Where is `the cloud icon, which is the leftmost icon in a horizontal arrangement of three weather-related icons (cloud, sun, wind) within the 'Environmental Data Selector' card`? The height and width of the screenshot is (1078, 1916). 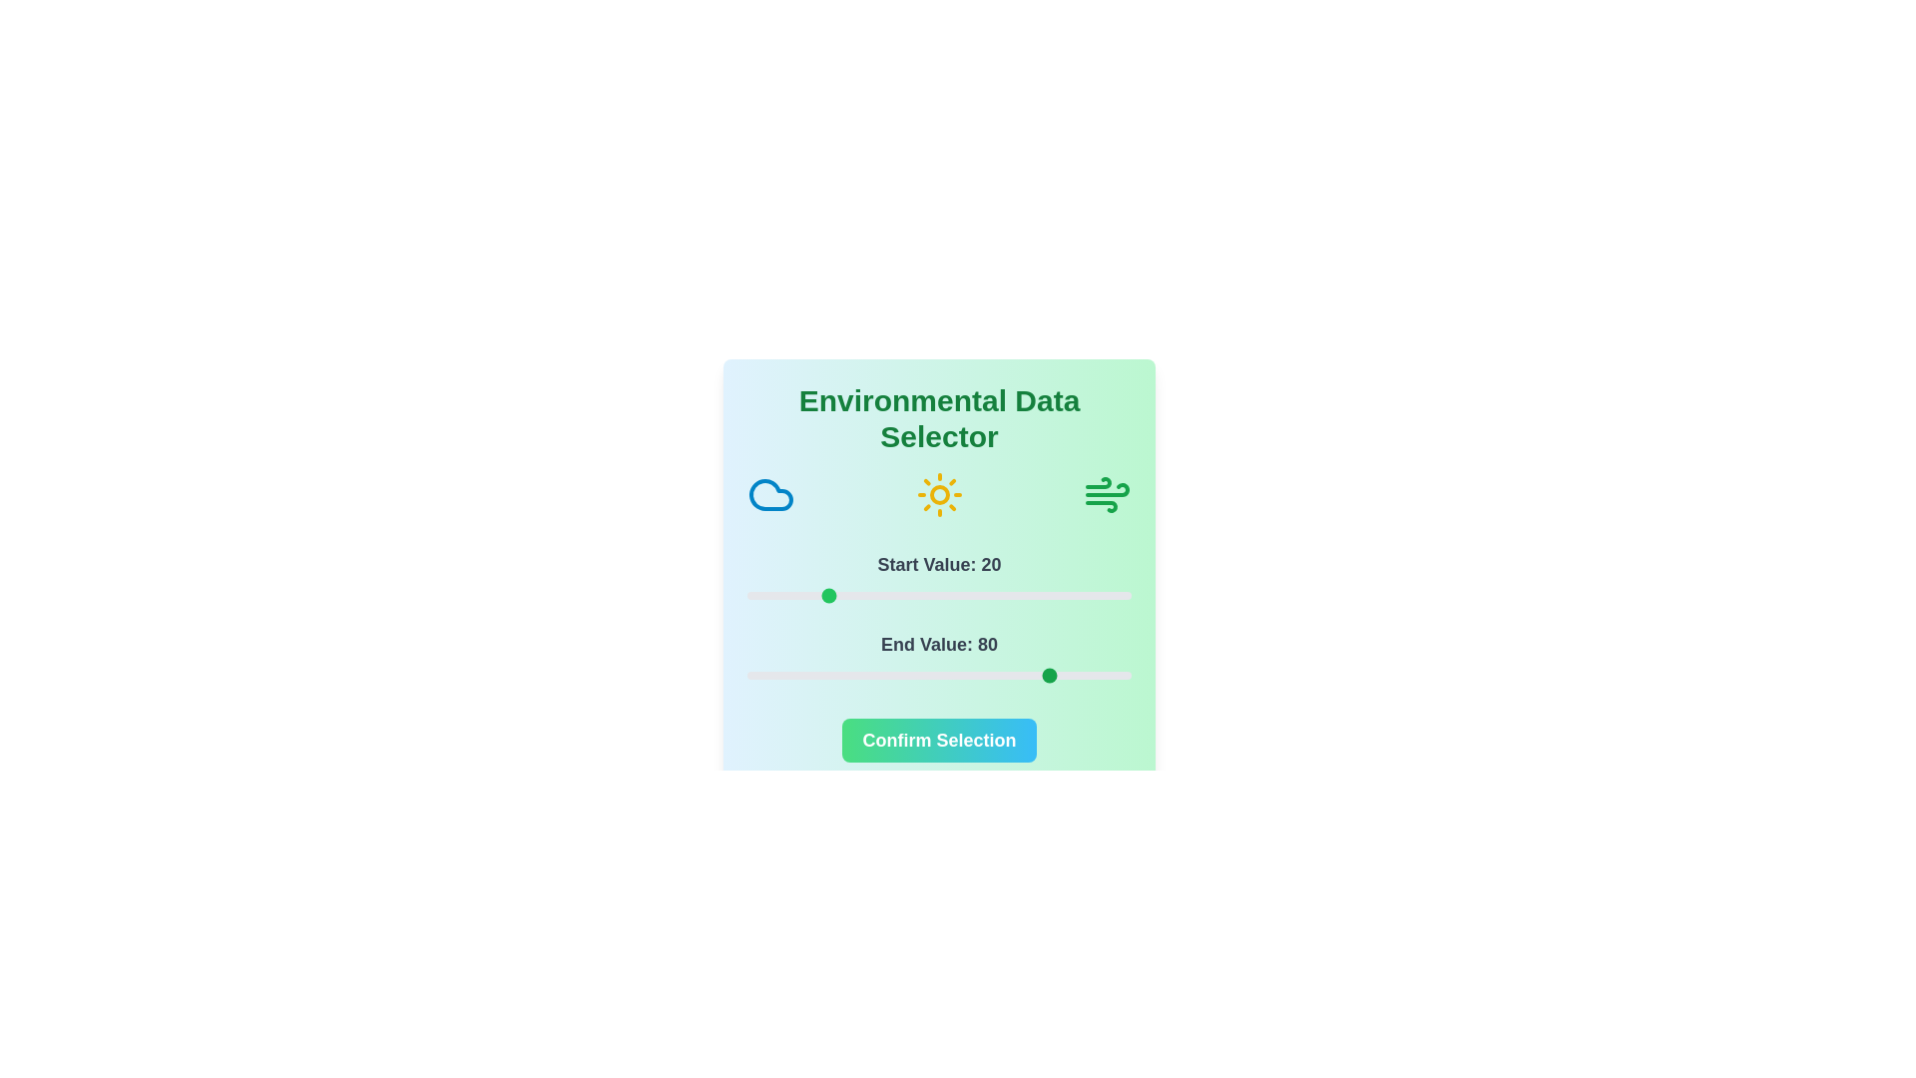
the cloud icon, which is the leftmost icon in a horizontal arrangement of three weather-related icons (cloud, sun, wind) within the 'Environmental Data Selector' card is located at coordinates (769, 494).